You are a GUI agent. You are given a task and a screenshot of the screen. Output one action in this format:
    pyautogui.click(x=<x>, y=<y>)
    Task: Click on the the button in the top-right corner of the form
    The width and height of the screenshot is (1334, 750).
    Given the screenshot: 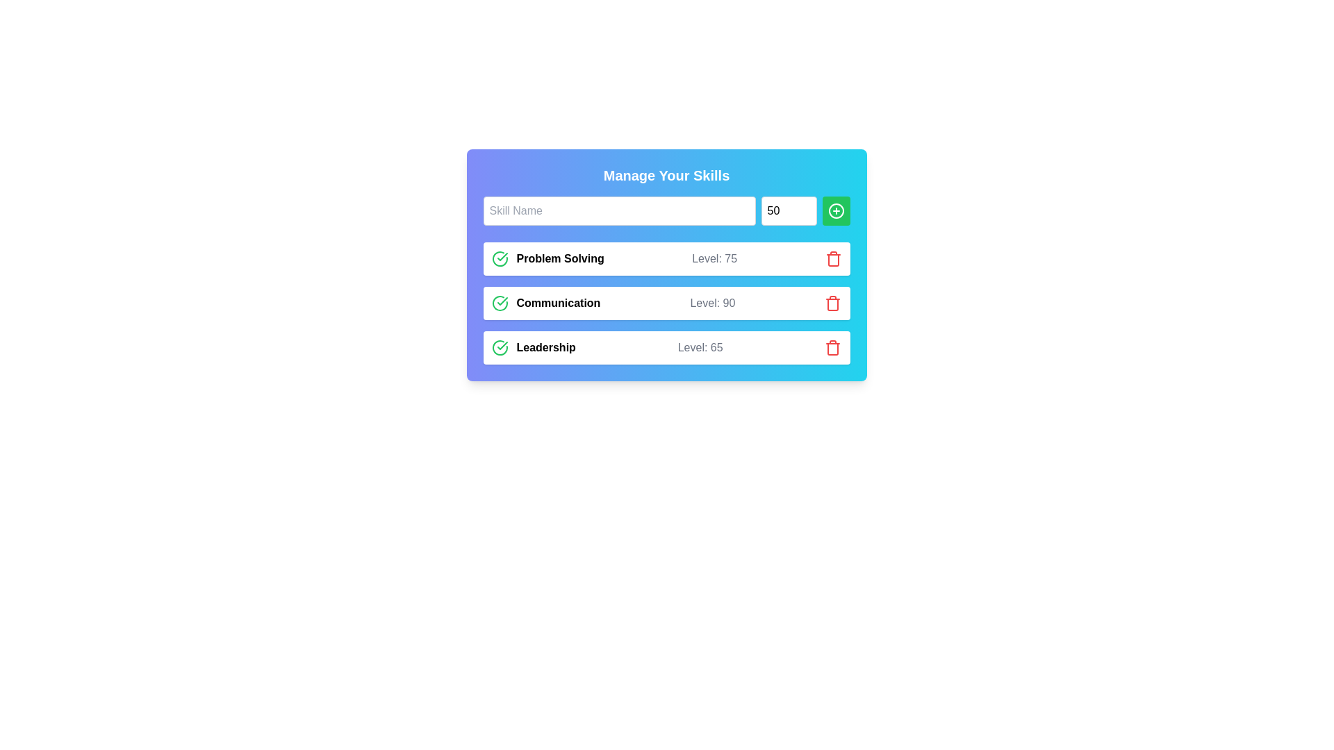 What is the action you would take?
    pyautogui.click(x=835, y=211)
    